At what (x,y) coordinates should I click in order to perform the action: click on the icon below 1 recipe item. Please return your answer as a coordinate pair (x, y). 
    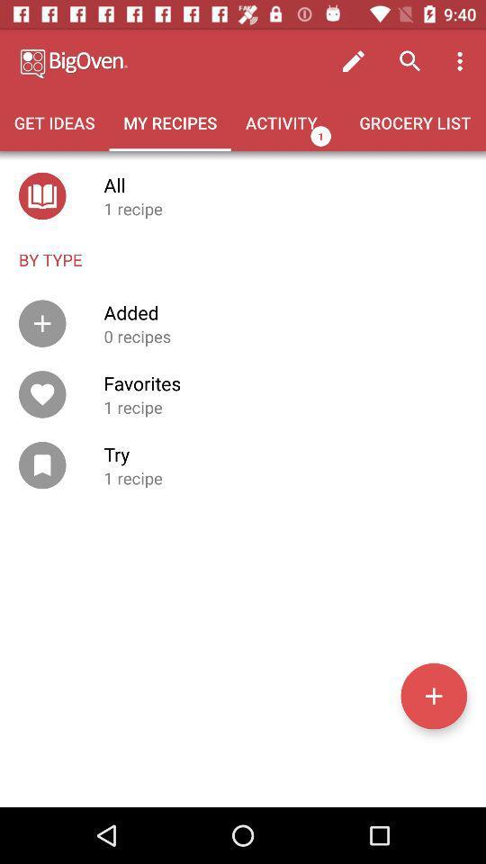
    Looking at the image, I should click on (433, 695).